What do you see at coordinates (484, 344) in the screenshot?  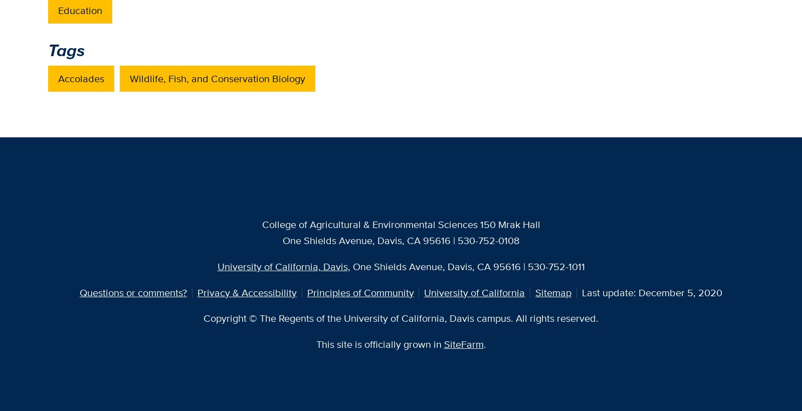 I see `'.'` at bounding box center [484, 344].